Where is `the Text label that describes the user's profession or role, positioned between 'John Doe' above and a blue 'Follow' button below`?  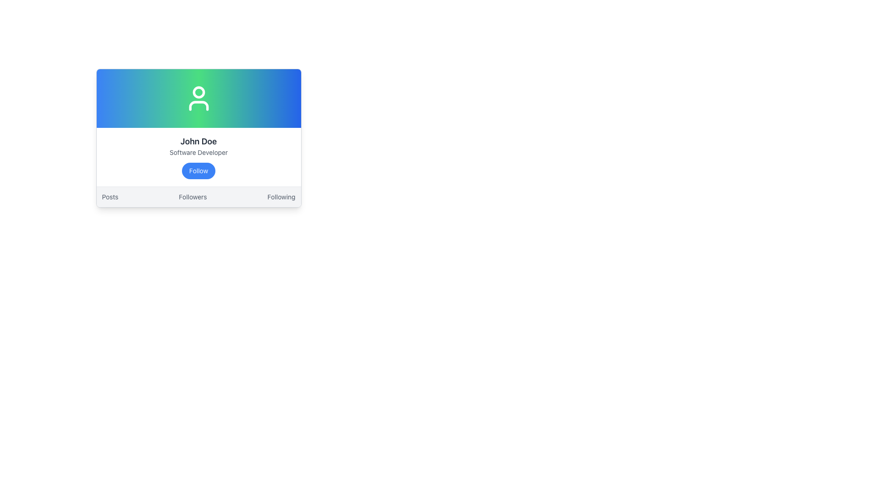
the Text label that describes the user's profession or role, positioned between 'John Doe' above and a blue 'Follow' button below is located at coordinates (198, 152).